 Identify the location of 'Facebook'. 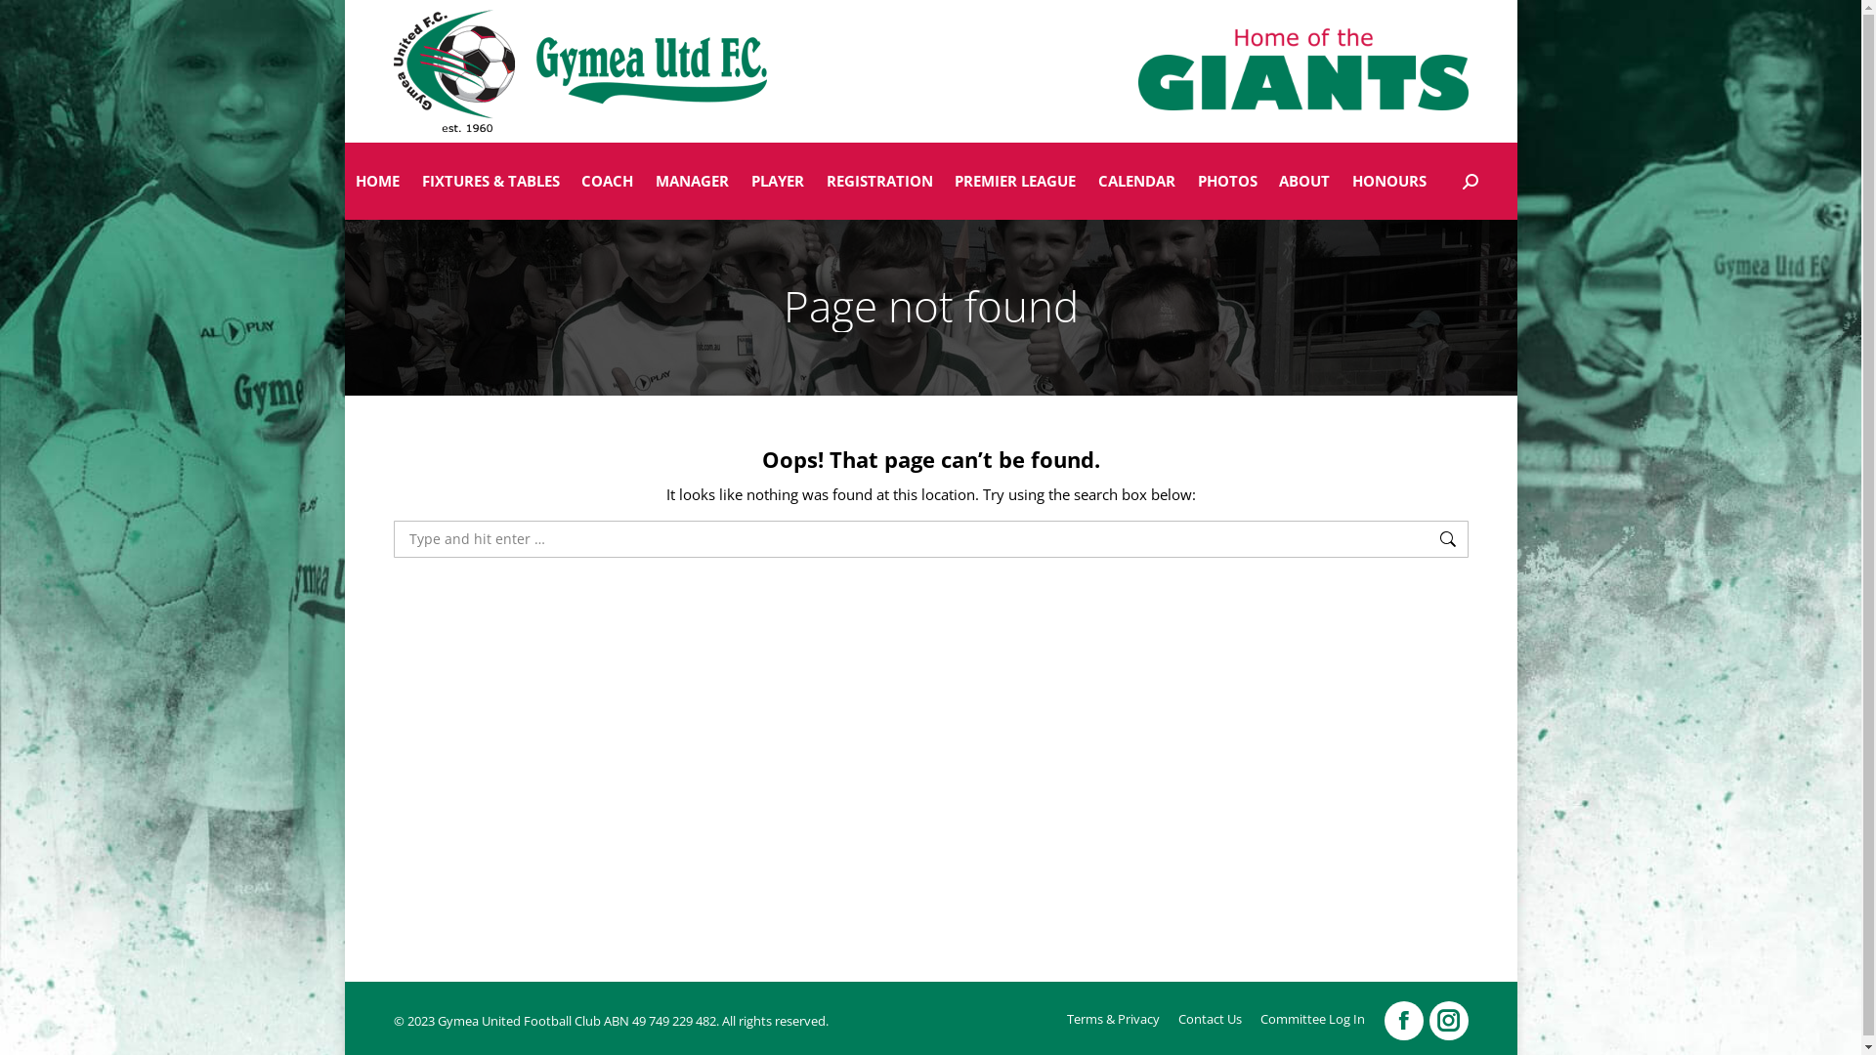
(1401, 1020).